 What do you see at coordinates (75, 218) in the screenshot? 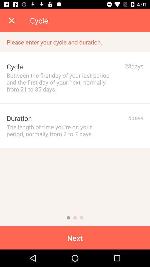
I see `next` at bounding box center [75, 218].